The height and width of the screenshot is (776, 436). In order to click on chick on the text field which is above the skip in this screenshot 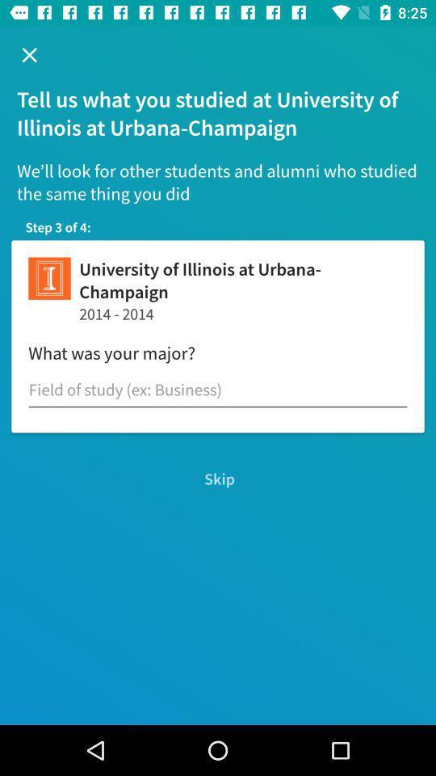, I will do `click(218, 390)`.